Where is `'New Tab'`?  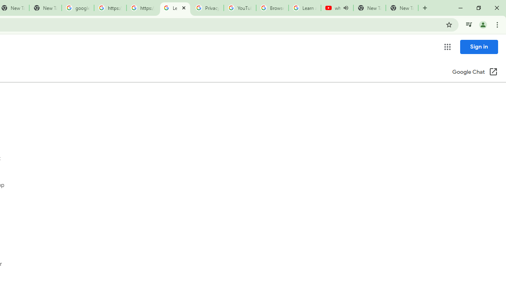 'New Tab' is located at coordinates (402, 8).